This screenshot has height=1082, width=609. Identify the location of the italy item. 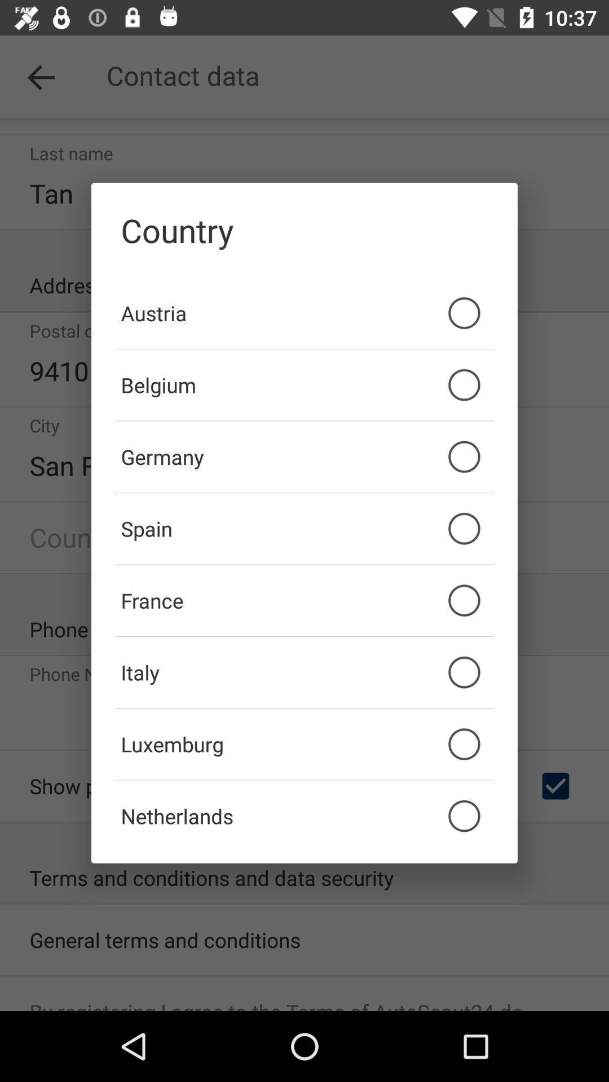
(304, 672).